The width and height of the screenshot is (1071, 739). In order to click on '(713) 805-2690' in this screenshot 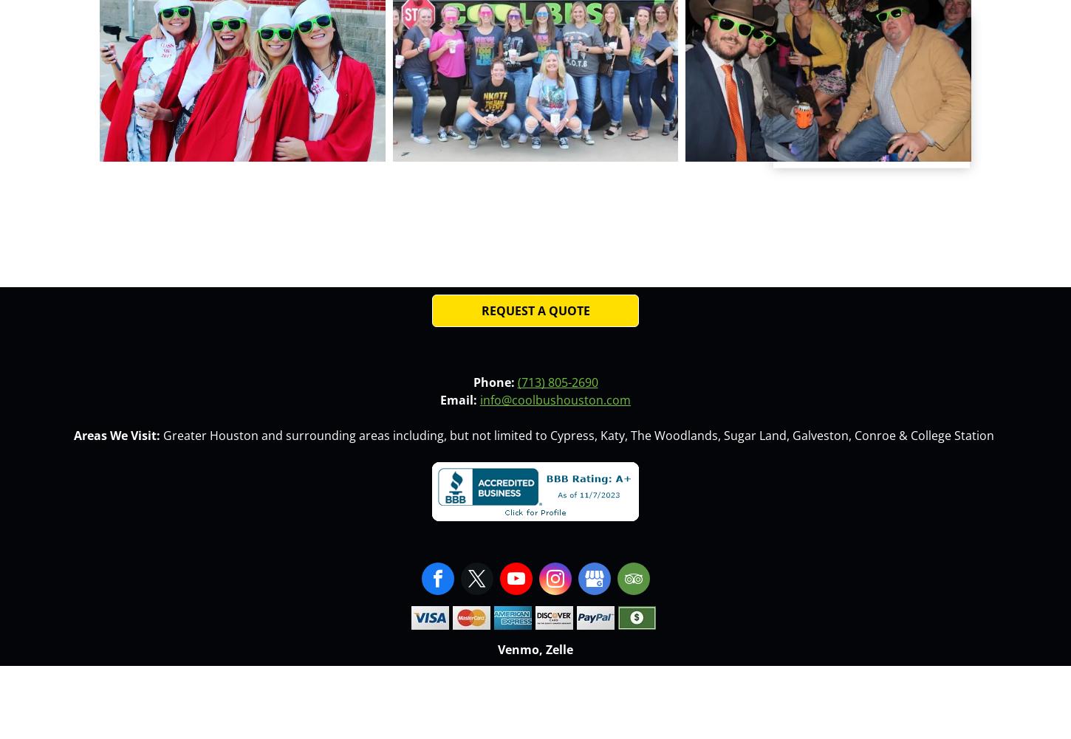, I will do `click(557, 381)`.